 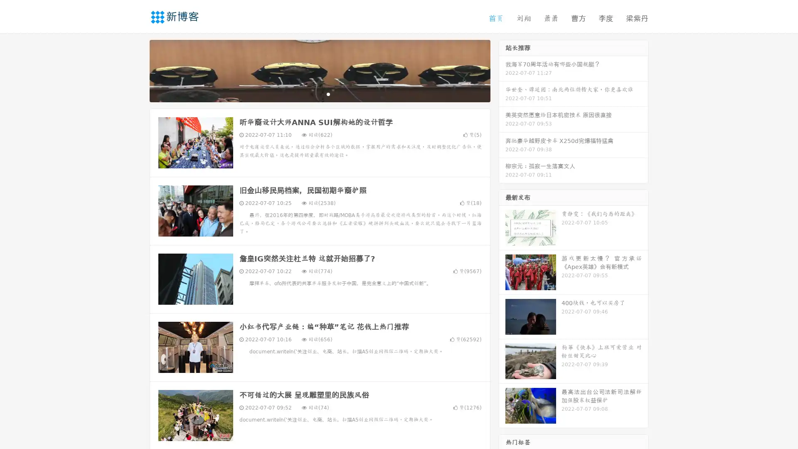 What do you see at coordinates (319, 94) in the screenshot?
I see `Go to slide 2` at bounding box center [319, 94].